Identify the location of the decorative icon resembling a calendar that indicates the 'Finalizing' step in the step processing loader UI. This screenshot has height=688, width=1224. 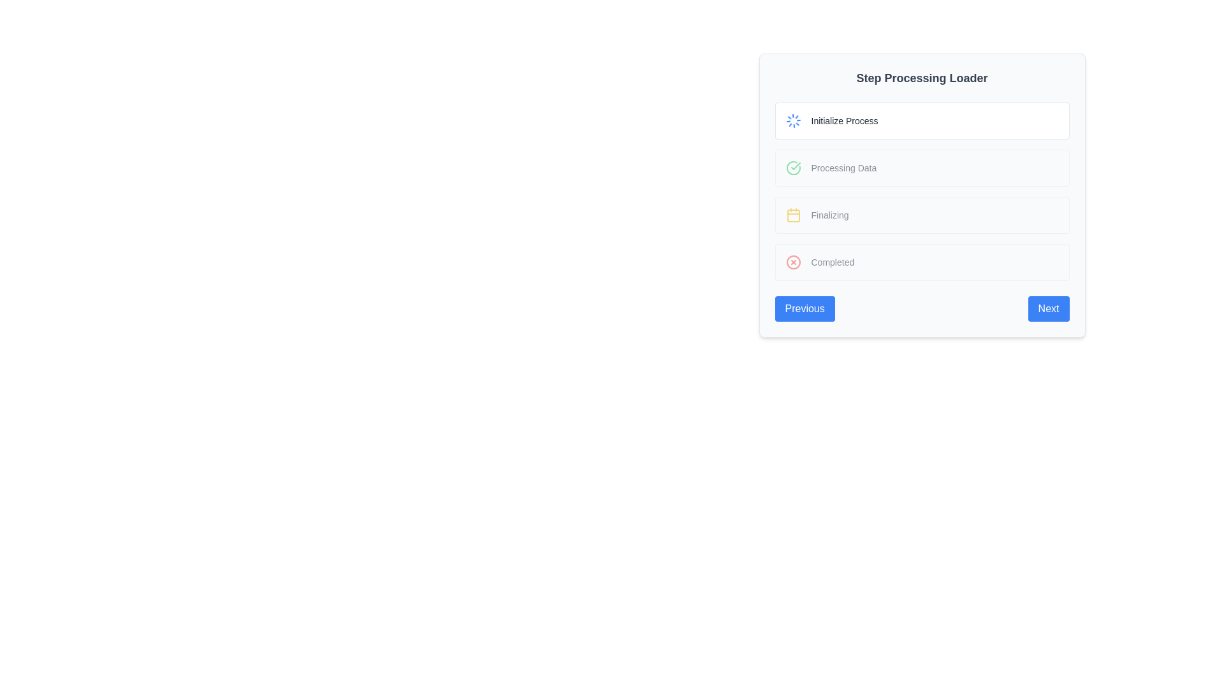
(792, 215).